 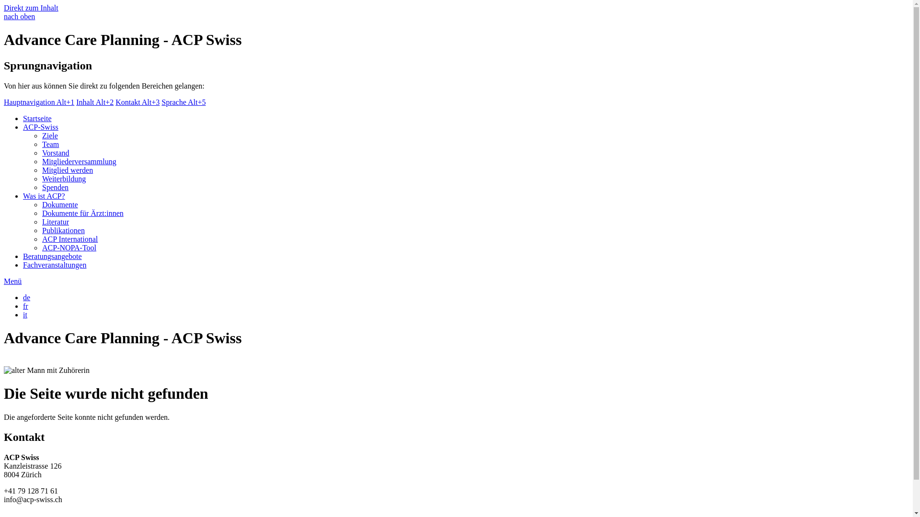 What do you see at coordinates (47, 65) in the screenshot?
I see `'Sprungnavigation'` at bounding box center [47, 65].